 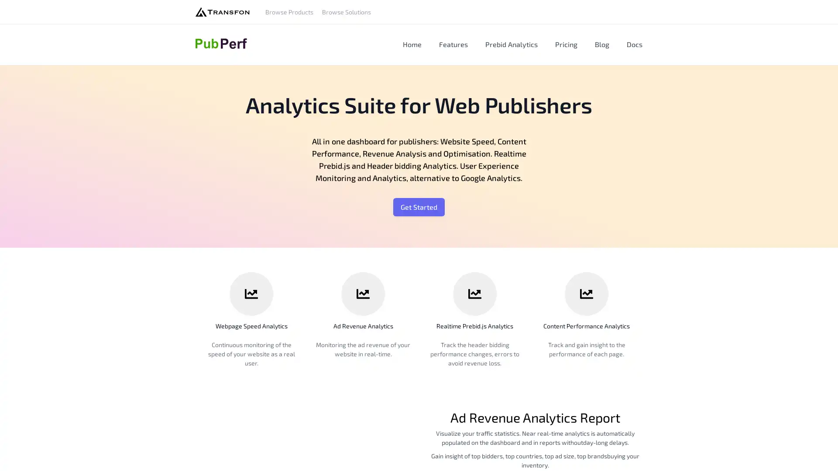 What do you see at coordinates (58, 455) in the screenshot?
I see `Do Not Sell My Data` at bounding box center [58, 455].